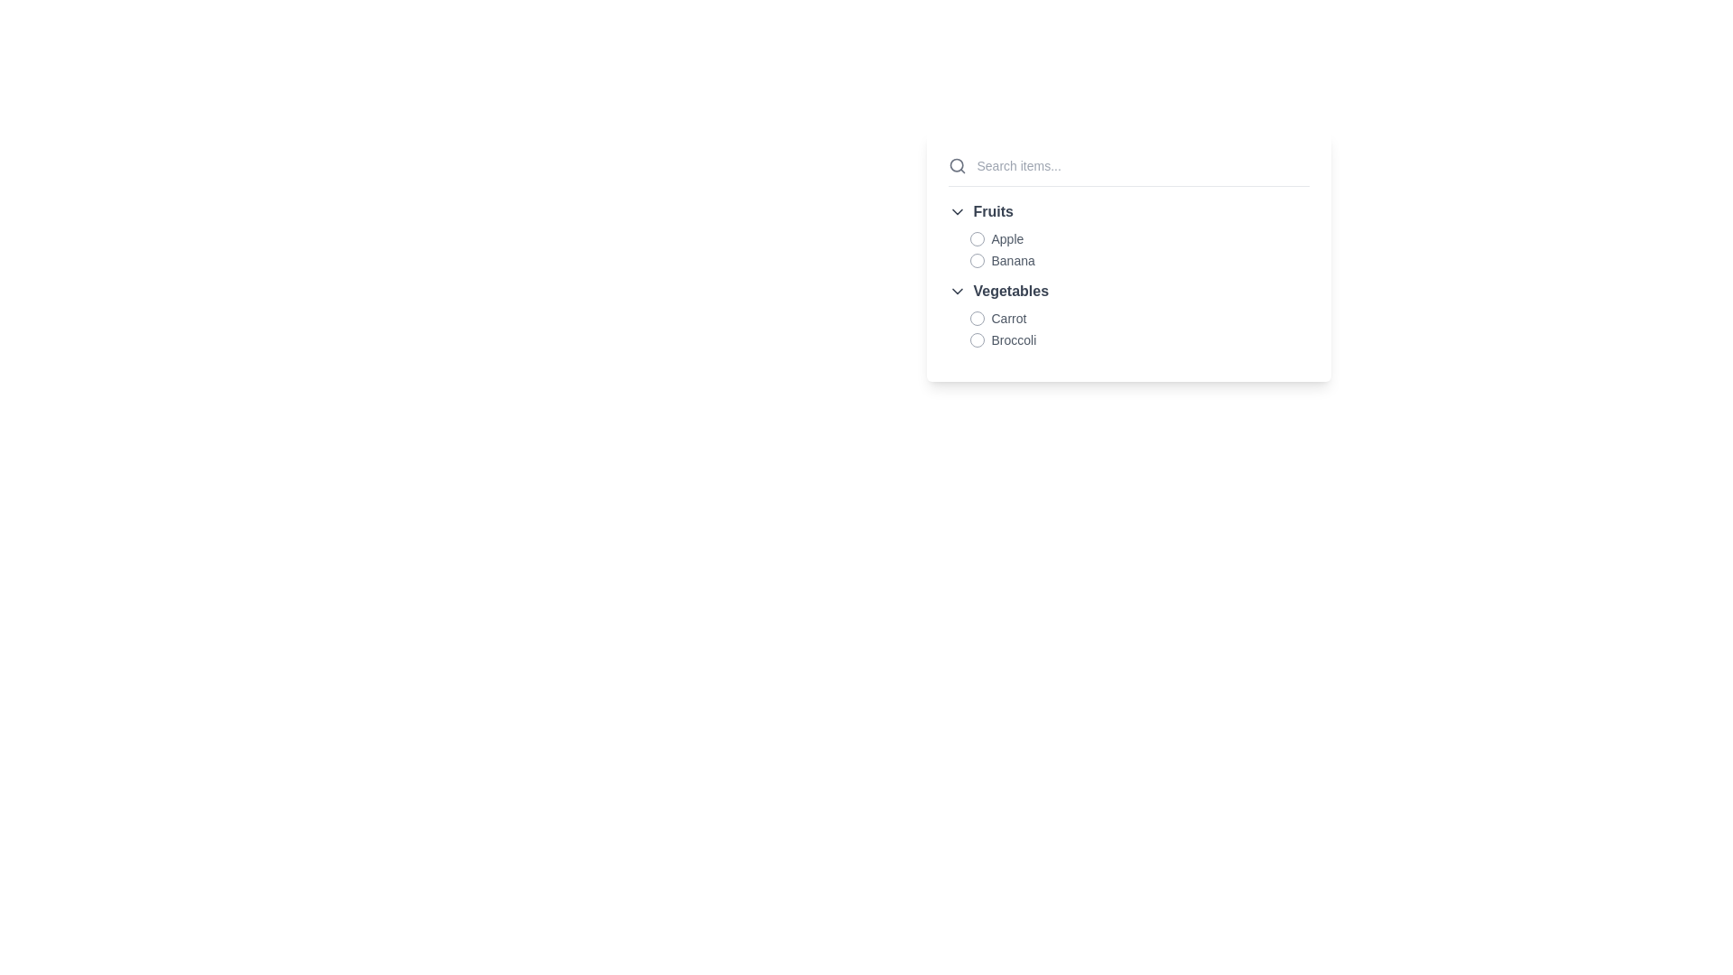 This screenshot has height=975, width=1733. Describe the element at coordinates (956, 166) in the screenshot. I see `the stylized search icon, which is a circular magnifying glass located at the leftmost side of the header section, to the immediate left of the 'Search items...' text input field` at that location.